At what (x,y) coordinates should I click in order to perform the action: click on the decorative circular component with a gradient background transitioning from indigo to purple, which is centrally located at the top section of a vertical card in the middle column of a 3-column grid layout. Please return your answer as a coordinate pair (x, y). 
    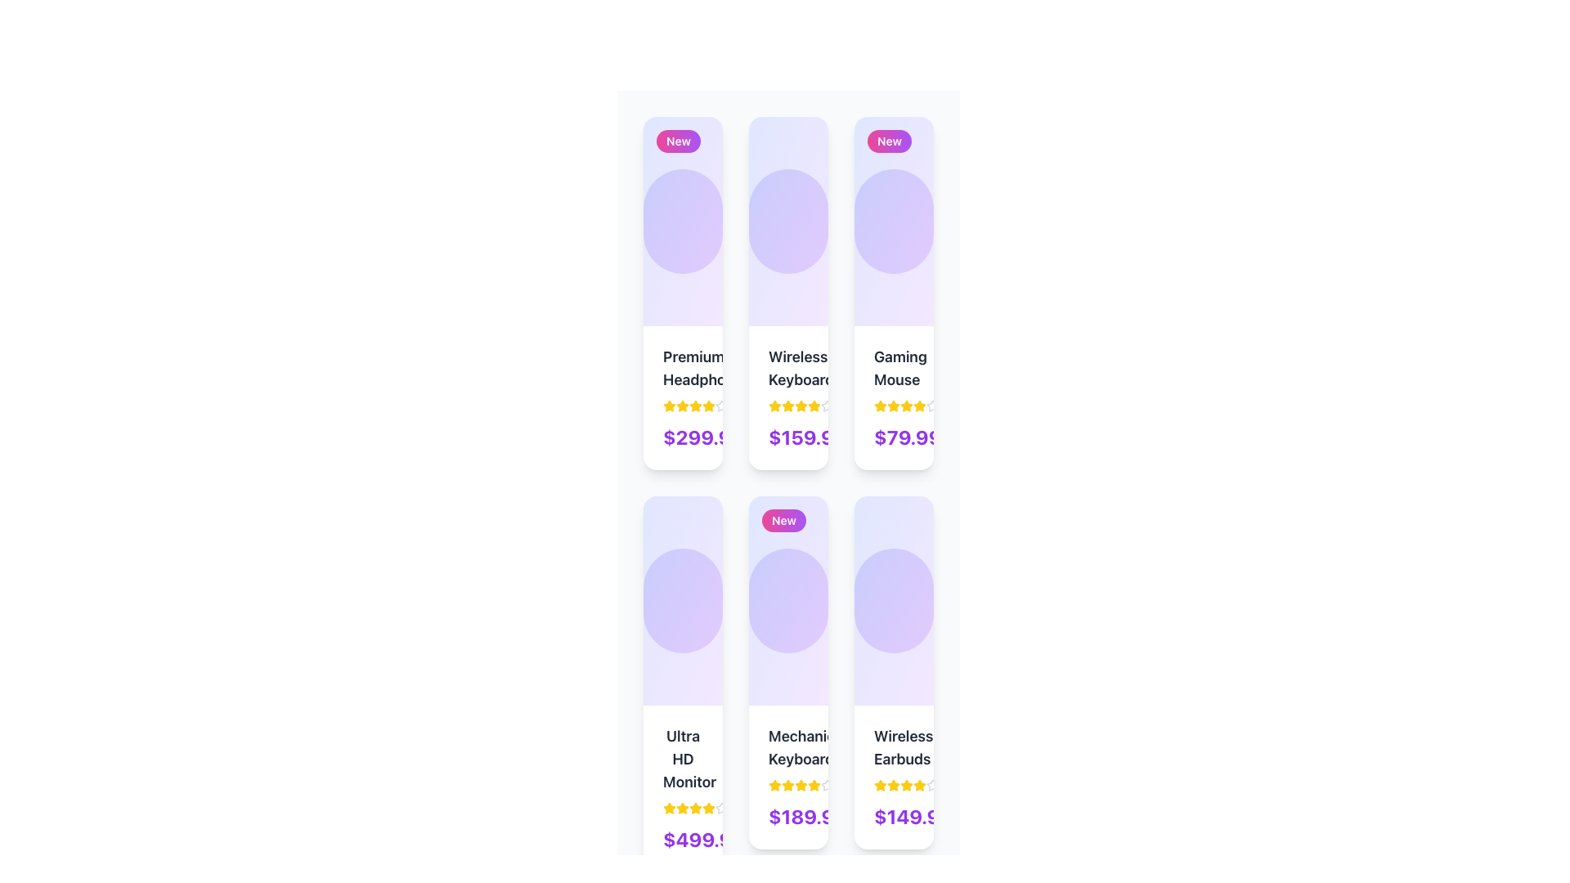
    Looking at the image, I should click on (788, 221).